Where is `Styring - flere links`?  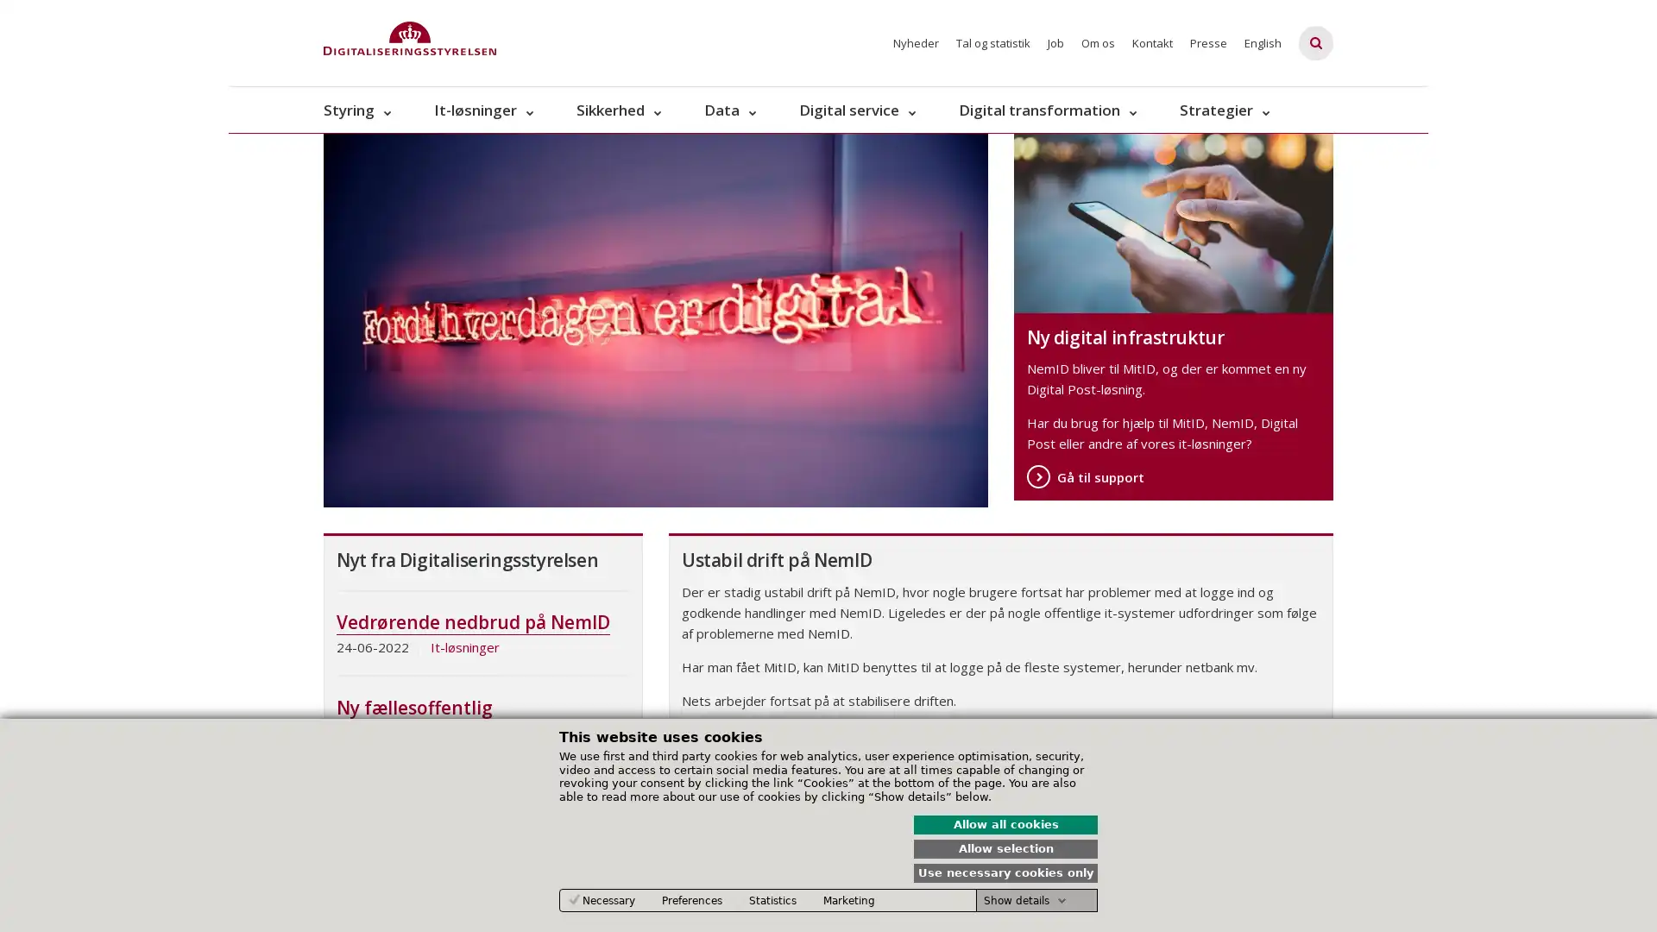 Styring - flere links is located at coordinates (386, 110).